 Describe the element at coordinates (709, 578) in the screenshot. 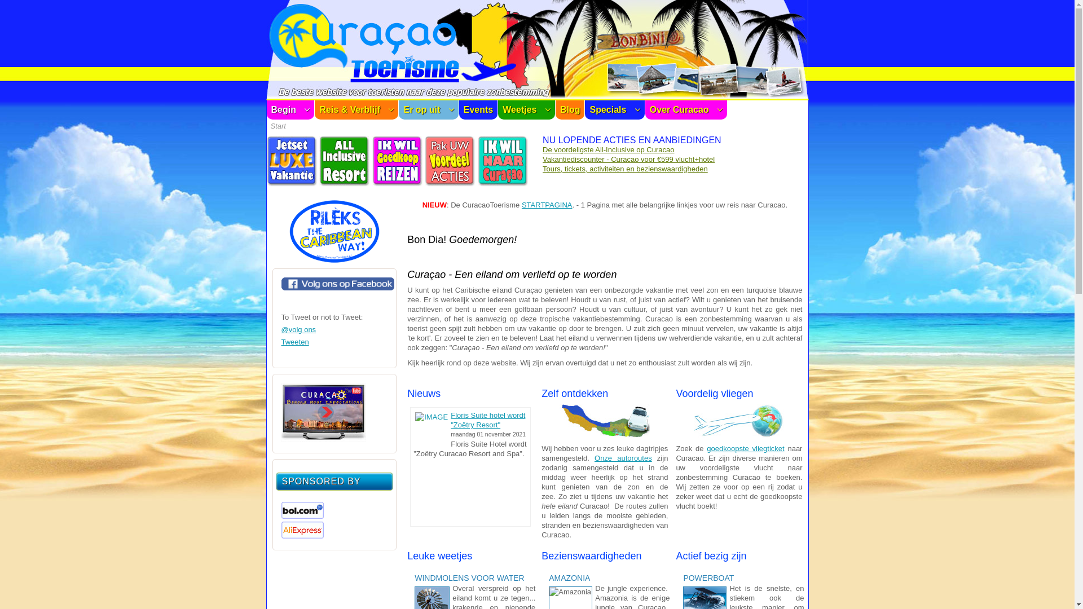

I see `'POWERBOAT'` at that location.